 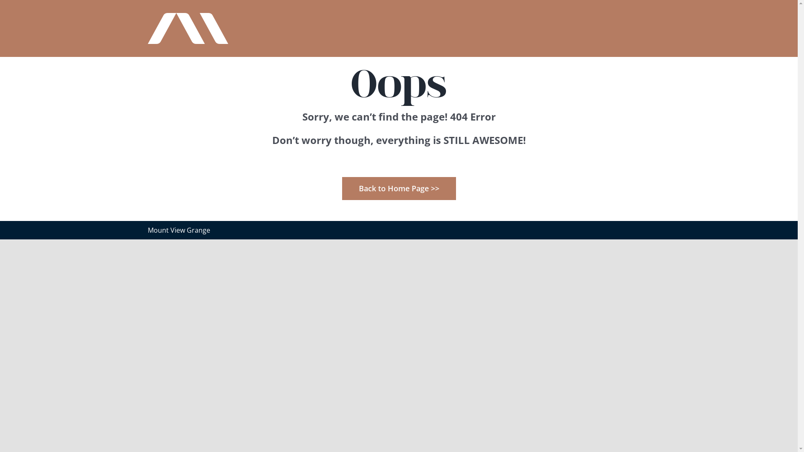 I want to click on 'Back to Home Page >>', so click(x=398, y=187).